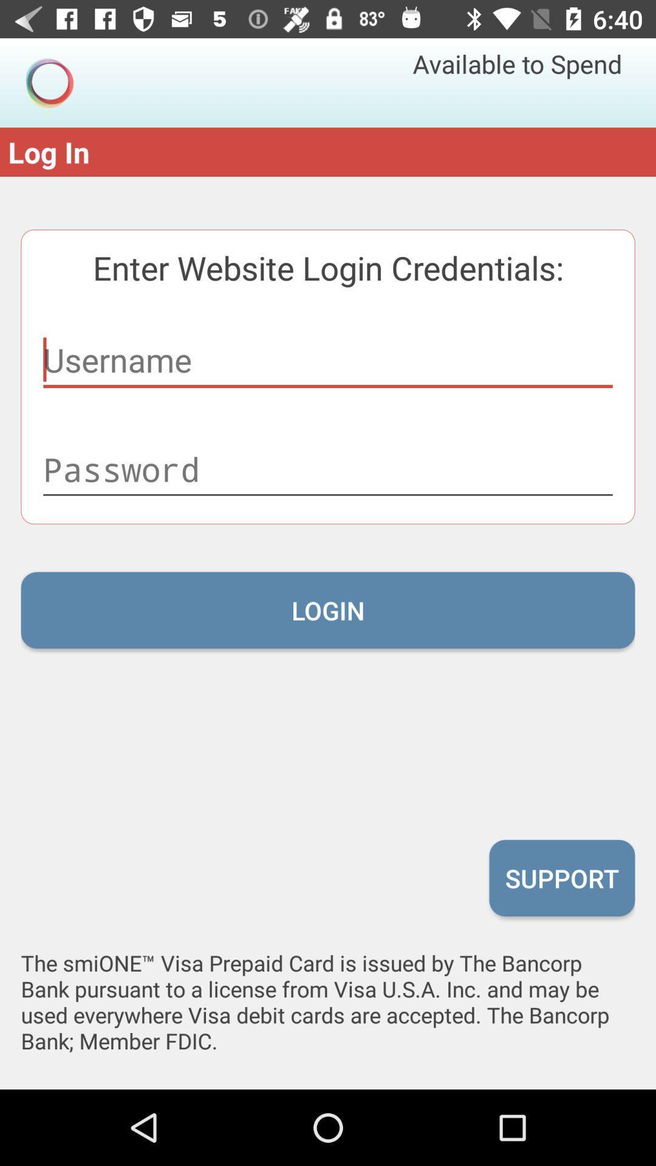 The width and height of the screenshot is (656, 1166). What do you see at coordinates (562, 878) in the screenshot?
I see `item above the the smione visa` at bounding box center [562, 878].